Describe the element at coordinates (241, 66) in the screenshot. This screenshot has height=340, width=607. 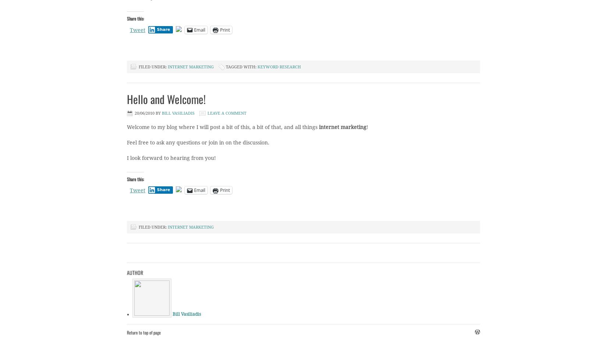
I see `'Tagged With:'` at that location.